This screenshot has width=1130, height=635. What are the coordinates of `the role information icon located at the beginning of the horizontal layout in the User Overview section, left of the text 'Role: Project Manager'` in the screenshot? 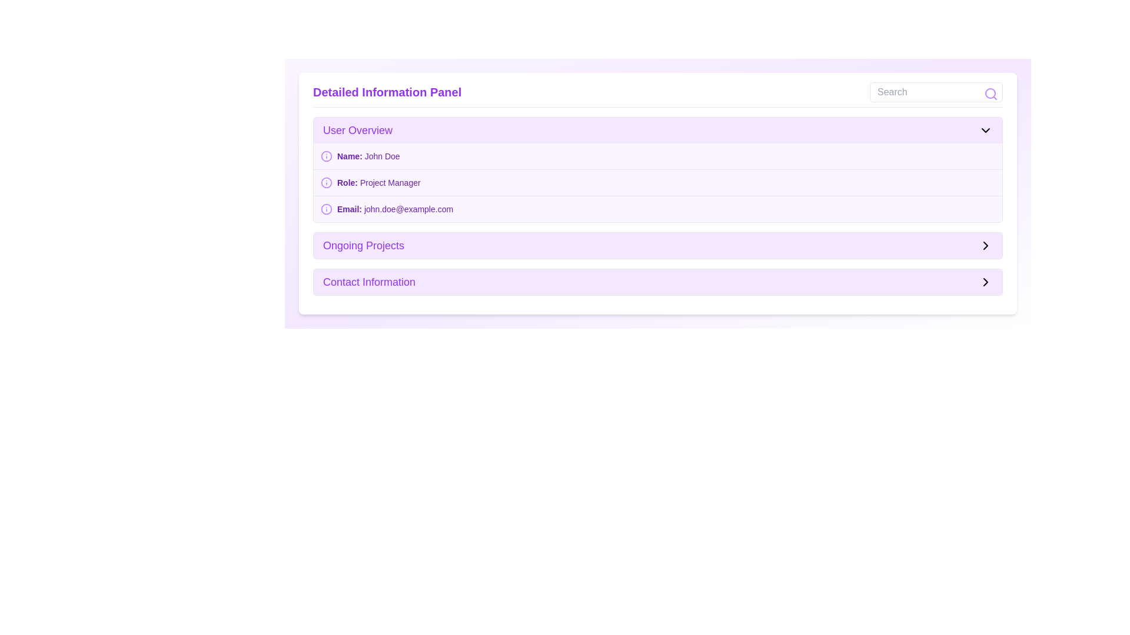 It's located at (327, 183).